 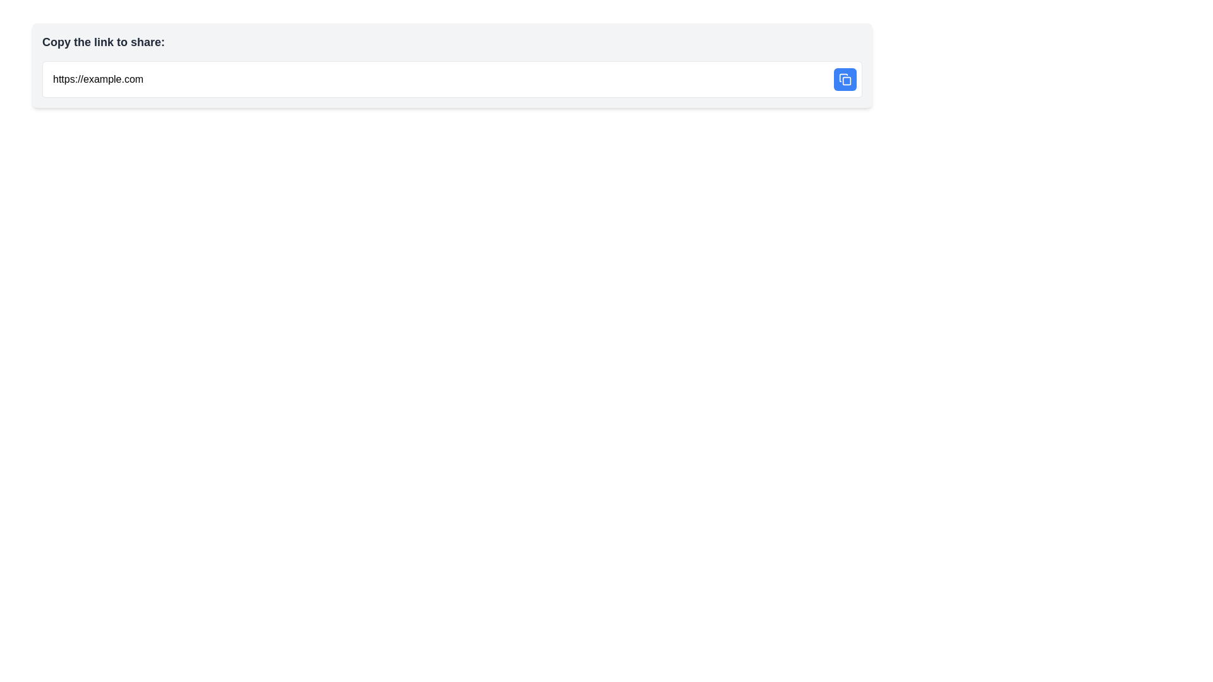 What do you see at coordinates (452, 80) in the screenshot?
I see `the URL displayed in the text field of the section with a white background and rounded corners, which contains the URL 'https://example.com'` at bounding box center [452, 80].